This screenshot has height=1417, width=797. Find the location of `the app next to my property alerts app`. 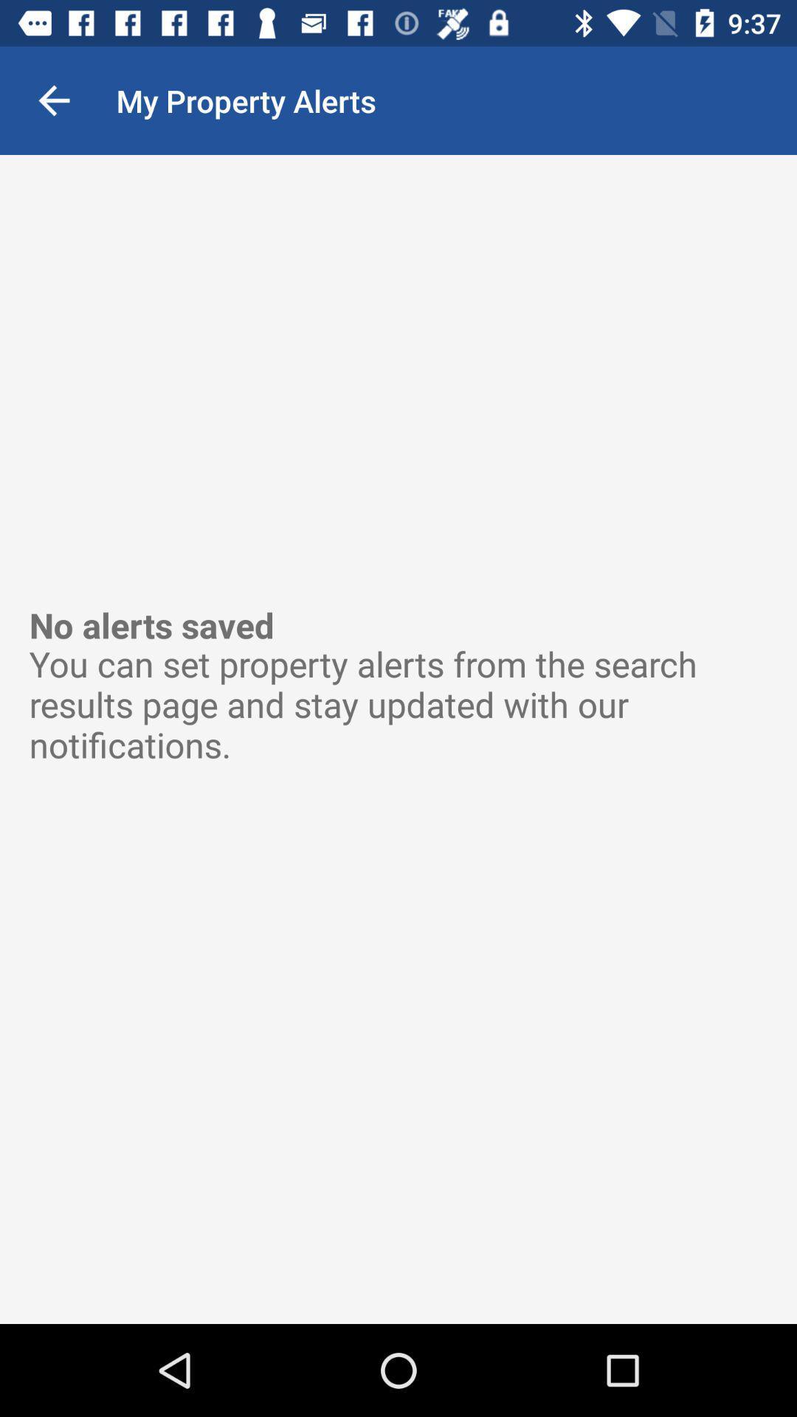

the app next to my property alerts app is located at coordinates (53, 100).